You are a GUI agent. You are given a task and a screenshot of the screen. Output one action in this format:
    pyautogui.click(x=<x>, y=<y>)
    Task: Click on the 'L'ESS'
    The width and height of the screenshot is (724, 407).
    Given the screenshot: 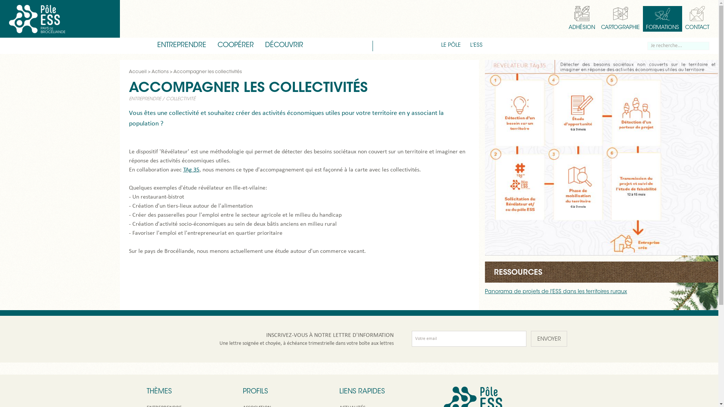 What is the action you would take?
    pyautogui.click(x=476, y=46)
    